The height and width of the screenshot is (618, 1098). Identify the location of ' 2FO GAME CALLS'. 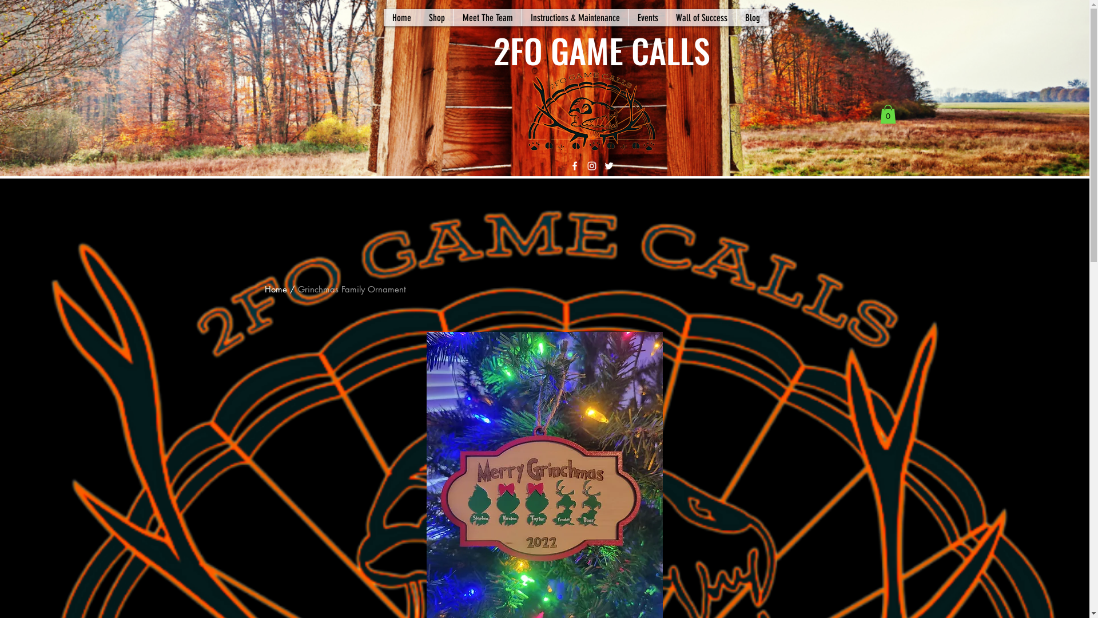
(596, 50).